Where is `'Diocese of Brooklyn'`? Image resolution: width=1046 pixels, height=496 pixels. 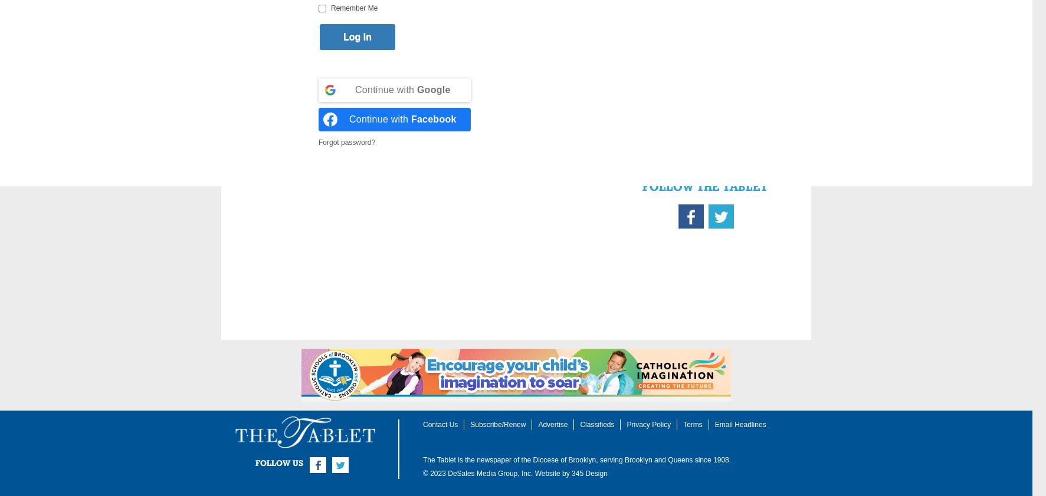
'Diocese of Brooklyn' is located at coordinates (564, 460).